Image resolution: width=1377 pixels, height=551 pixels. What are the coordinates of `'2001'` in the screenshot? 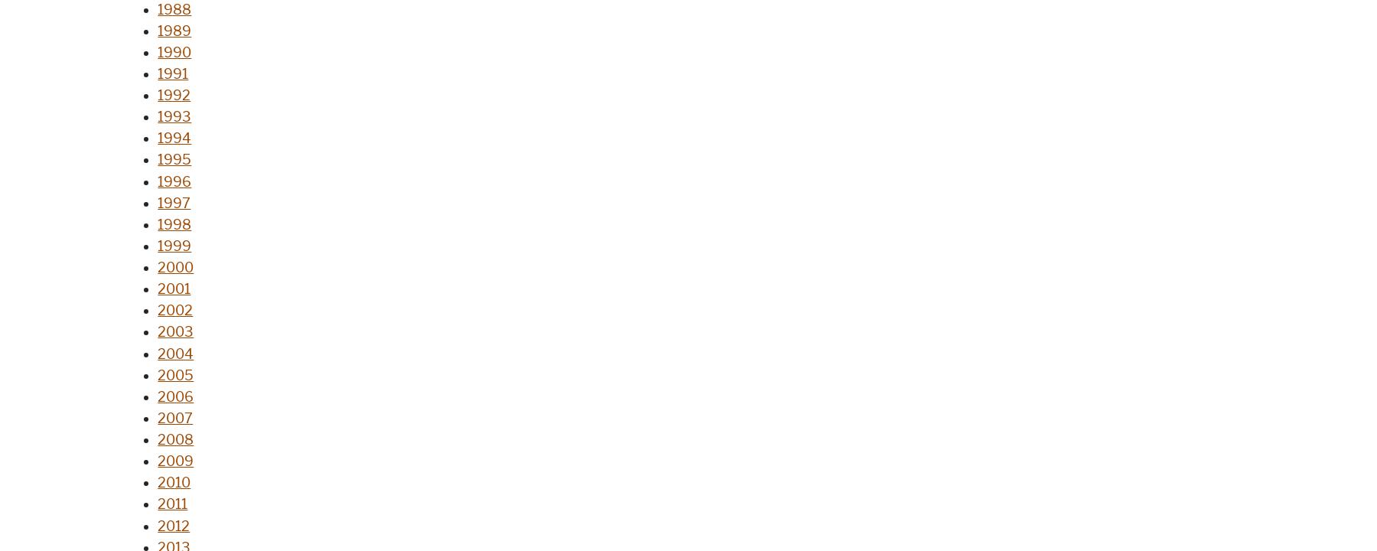 It's located at (173, 289).